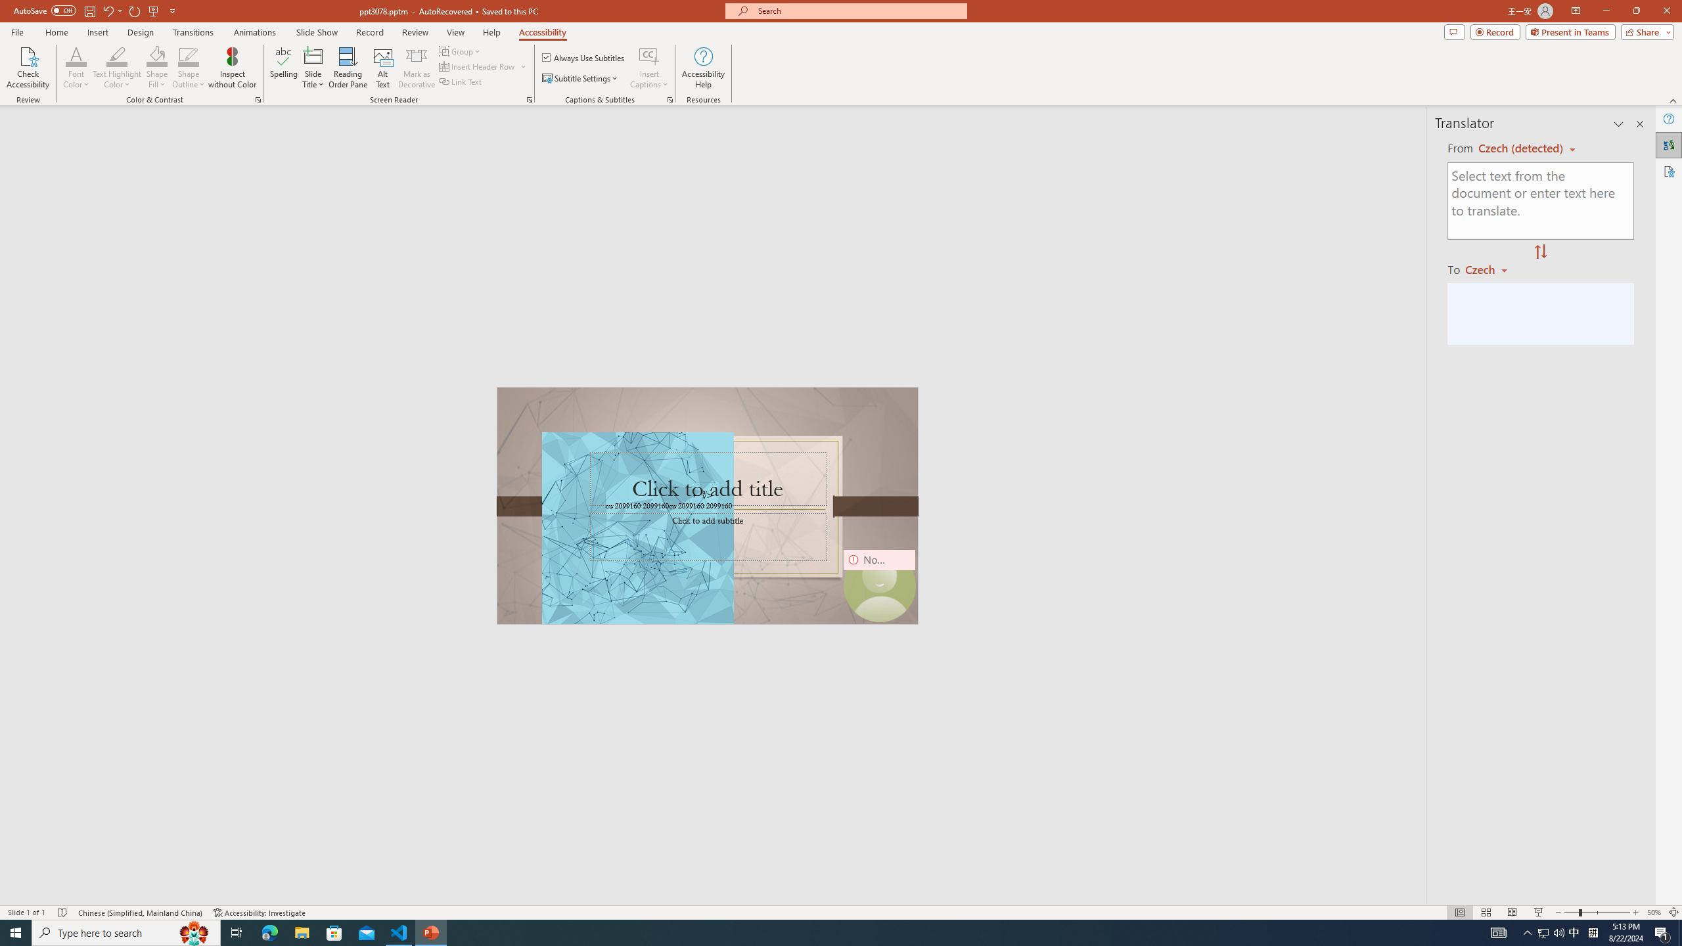 Image resolution: width=1682 pixels, height=946 pixels. Describe the element at coordinates (581, 78) in the screenshot. I see `'Subtitle Settings'` at that location.